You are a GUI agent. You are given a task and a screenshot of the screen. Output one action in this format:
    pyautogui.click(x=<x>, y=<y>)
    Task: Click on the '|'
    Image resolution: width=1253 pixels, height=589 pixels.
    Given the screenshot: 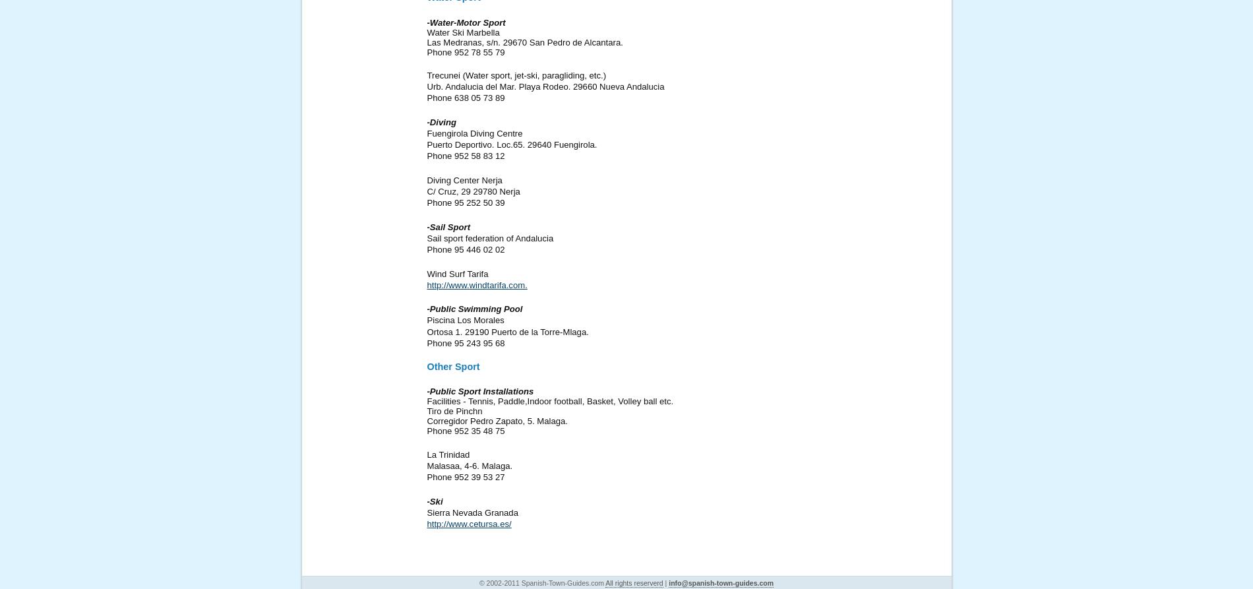 What is the action you would take?
    pyautogui.click(x=665, y=582)
    